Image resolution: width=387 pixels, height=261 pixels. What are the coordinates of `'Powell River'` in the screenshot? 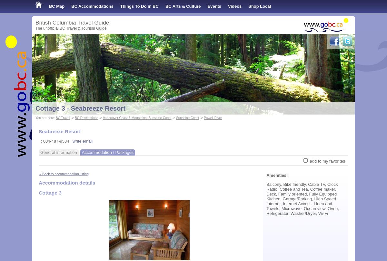 It's located at (204, 118).